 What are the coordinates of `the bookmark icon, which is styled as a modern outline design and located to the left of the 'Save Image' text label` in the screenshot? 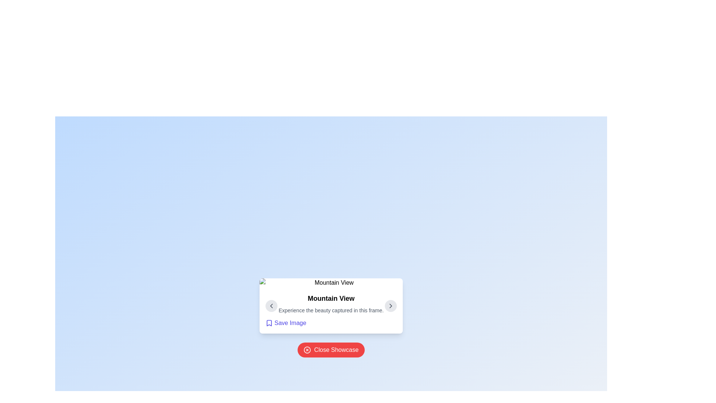 It's located at (268, 323).